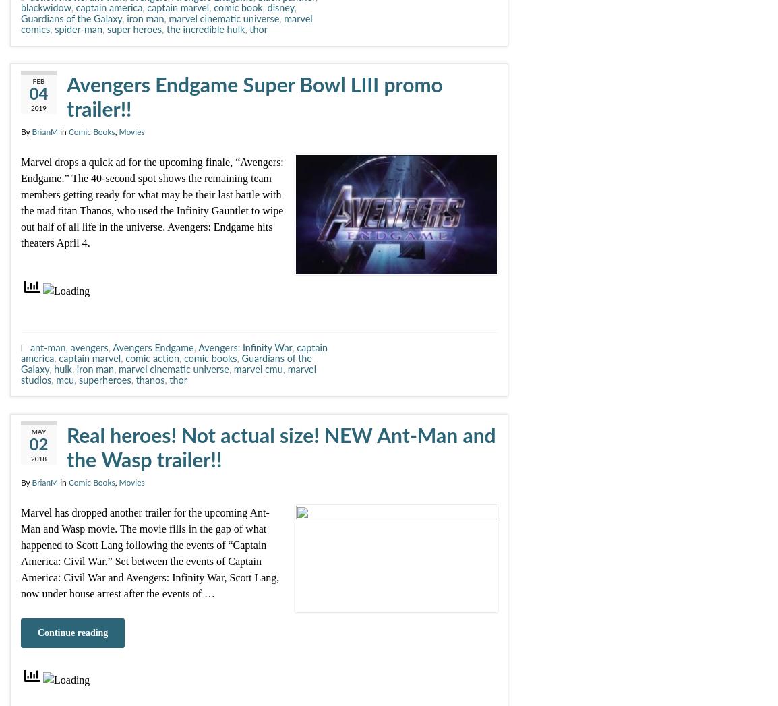  Describe the element at coordinates (28, 445) in the screenshot. I see `'02'` at that location.